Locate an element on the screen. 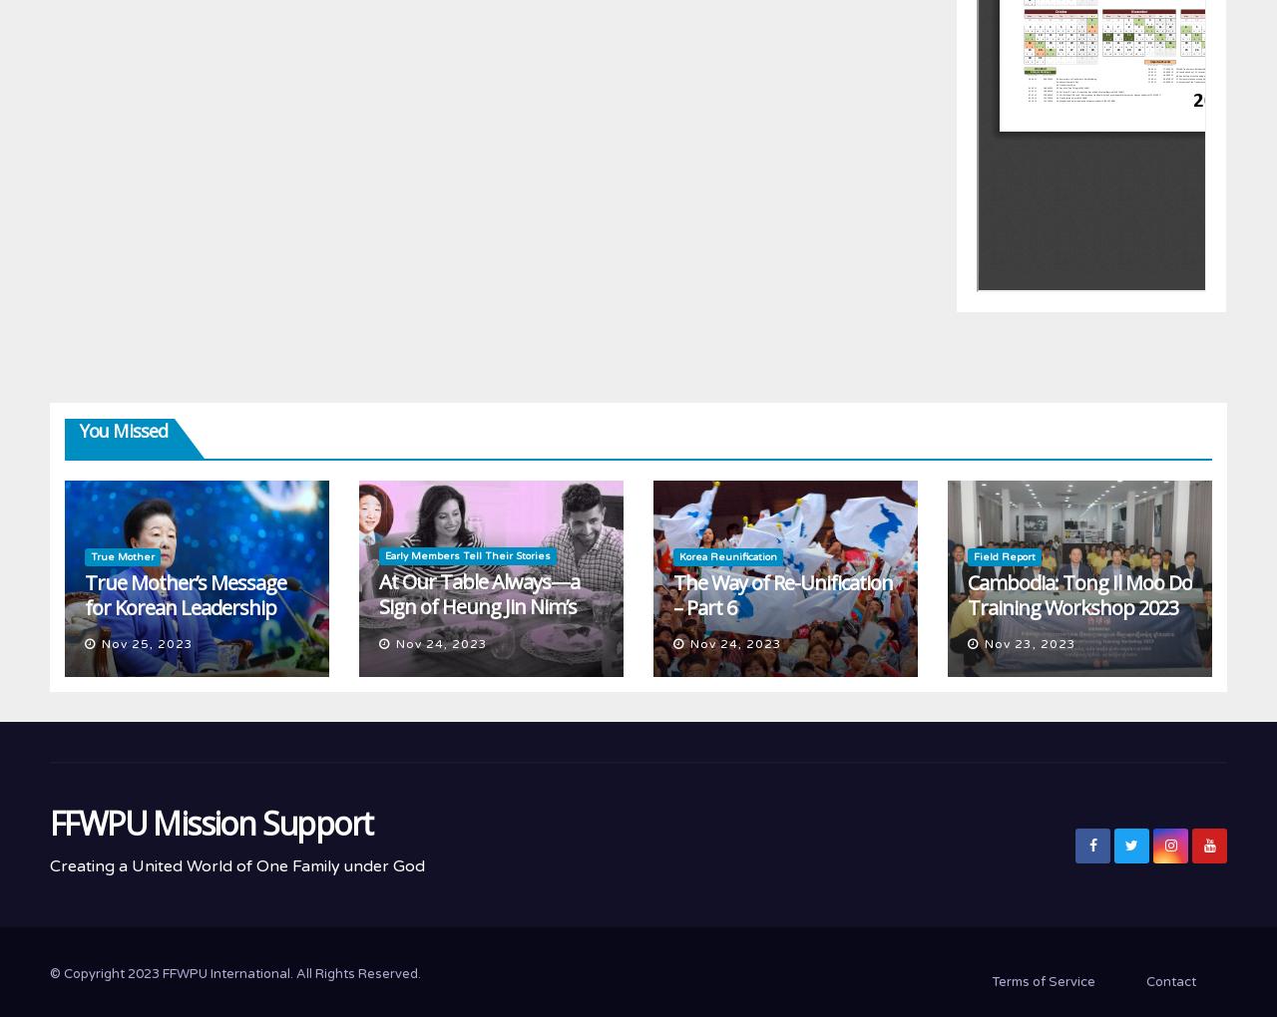 This screenshot has width=1277, height=1017. 'True Mother' is located at coordinates (122, 556).